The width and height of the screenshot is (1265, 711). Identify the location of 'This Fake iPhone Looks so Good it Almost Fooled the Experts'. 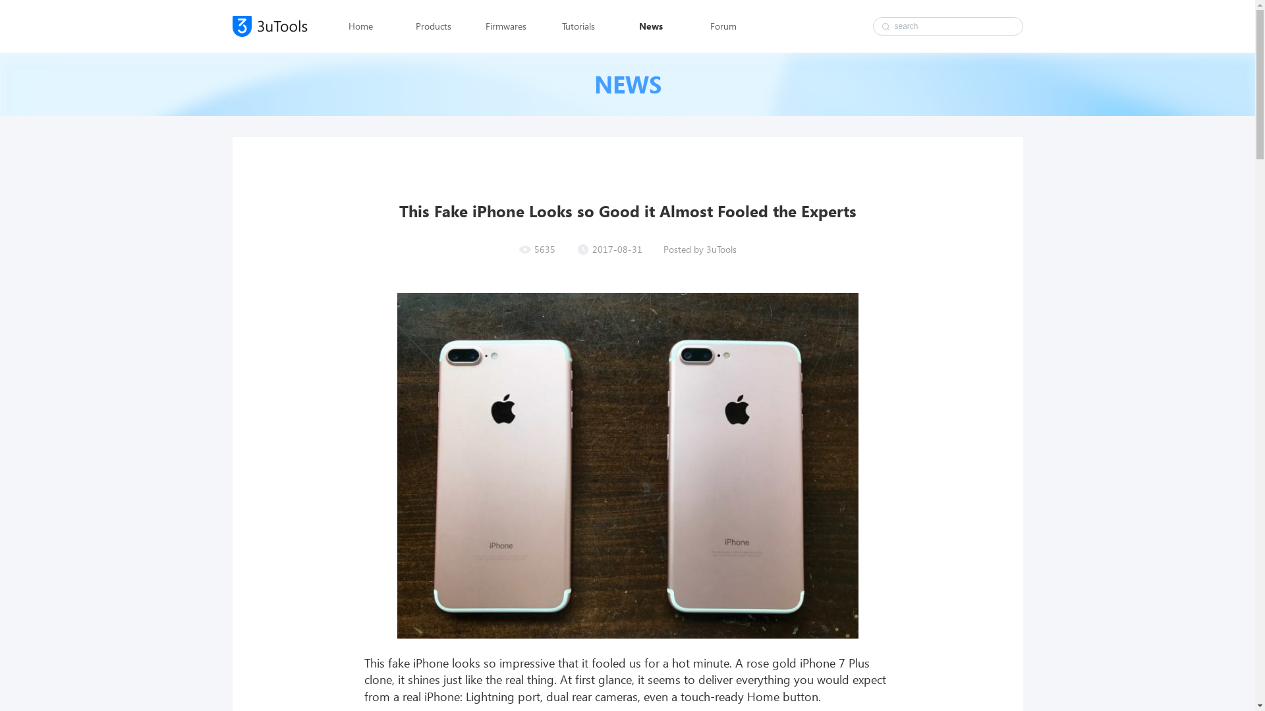
(395, 465).